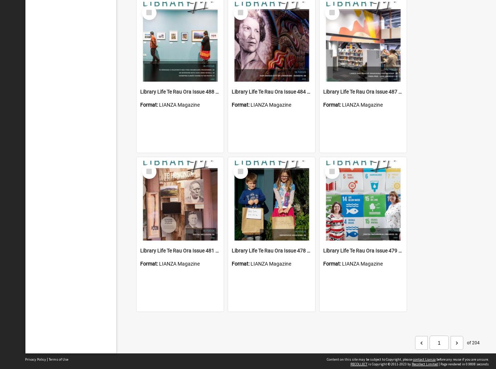 This screenshot has width=496, height=369. I want to click on 'of 204', so click(473, 342).